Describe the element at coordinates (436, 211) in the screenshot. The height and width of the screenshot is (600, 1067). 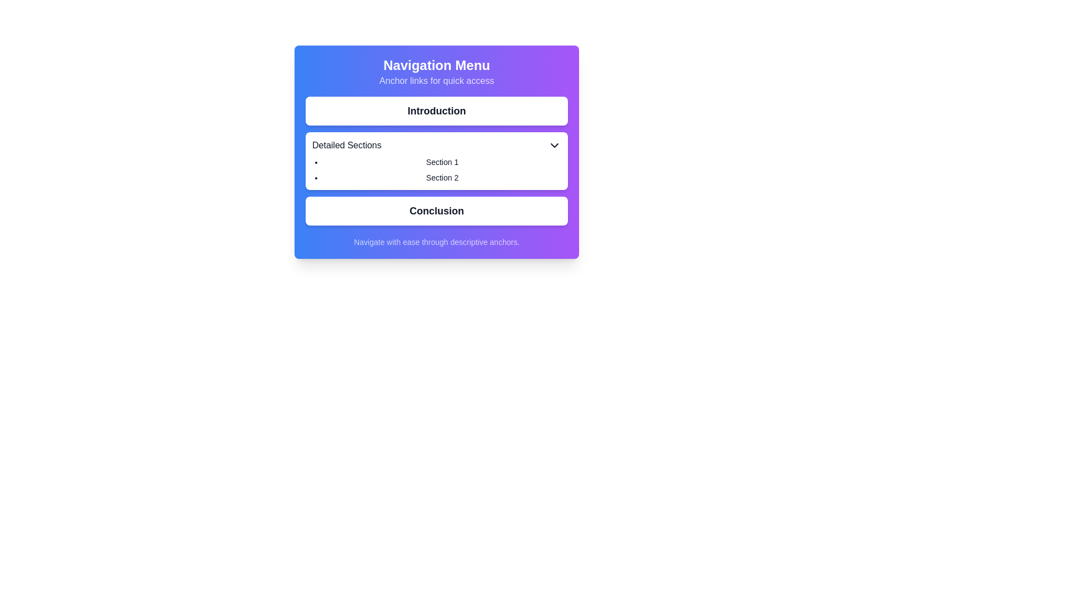
I see `the clickable text link styled in bold, positioned at the lower edge of the purple gradient section` at that location.